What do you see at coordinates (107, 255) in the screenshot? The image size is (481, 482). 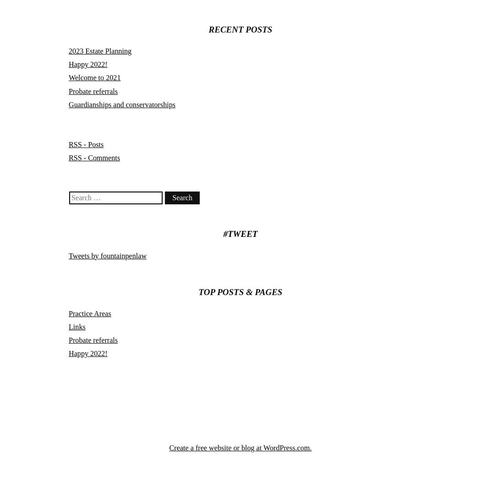 I see `'Tweets by fountainpenlaw'` at bounding box center [107, 255].